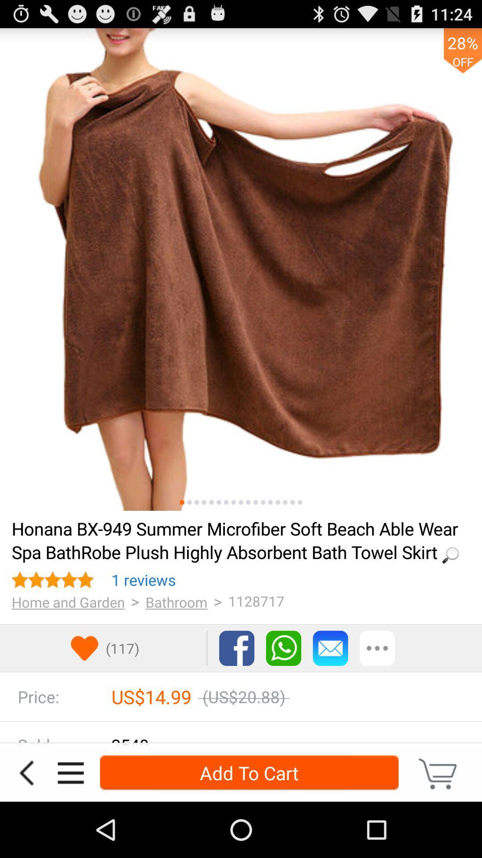 This screenshot has height=858, width=482. Describe the element at coordinates (219, 502) in the screenshot. I see `another picture middle` at that location.